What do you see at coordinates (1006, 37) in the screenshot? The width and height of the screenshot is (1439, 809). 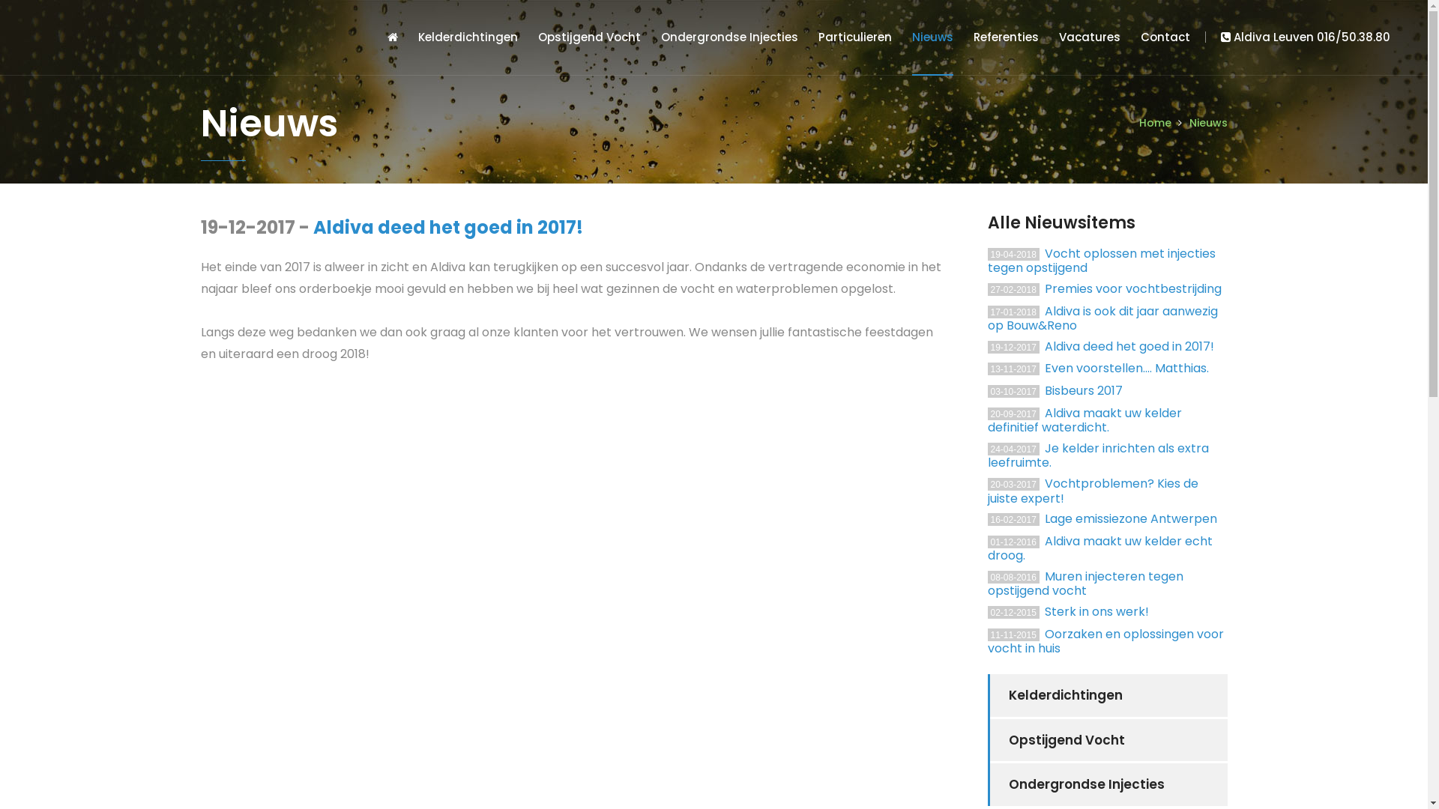 I see `'Referenties'` at bounding box center [1006, 37].